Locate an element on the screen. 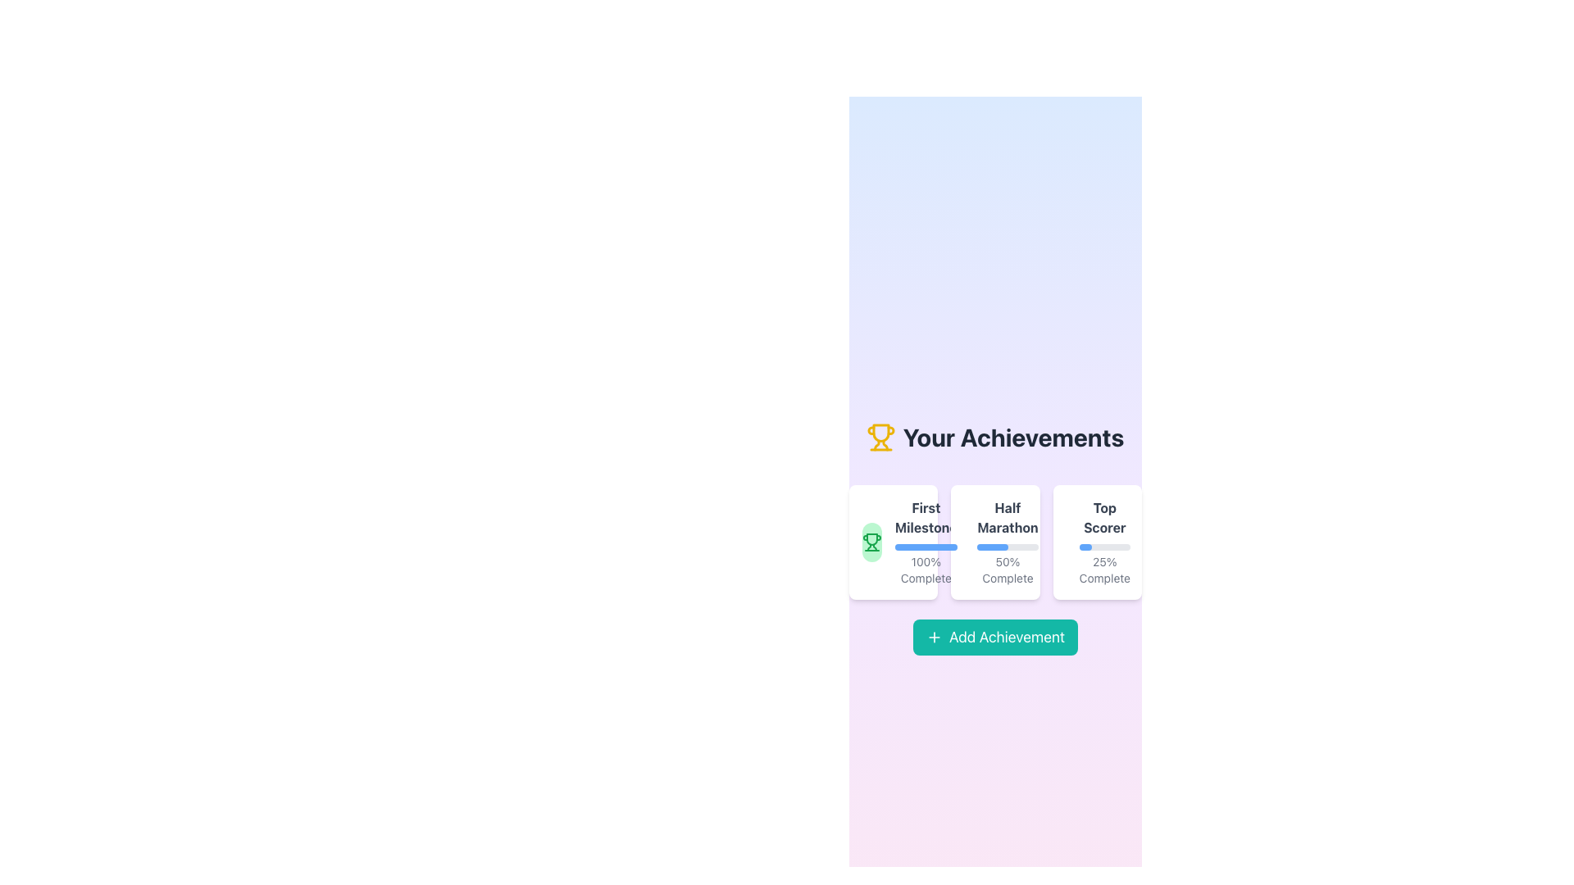  the blue-filled portion of the progress indicator representing 50% completion under the 'Half Marathon' section is located at coordinates (991, 547).